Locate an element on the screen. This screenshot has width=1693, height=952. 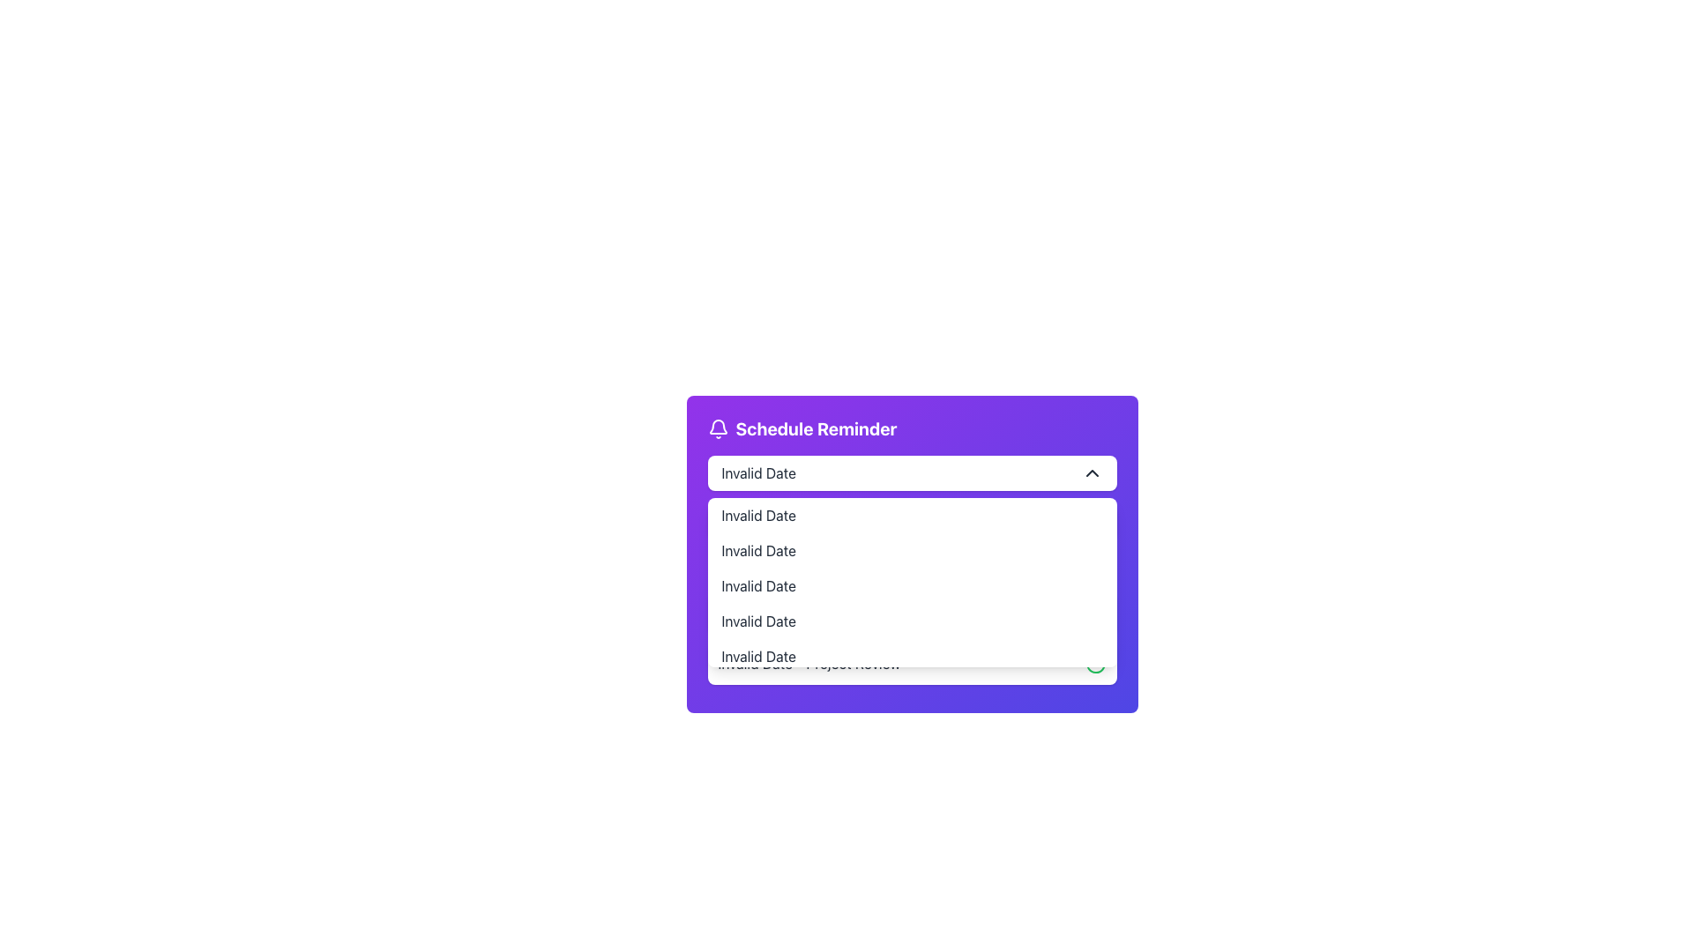
the dropdown menu item displaying 'Invalid Date' is located at coordinates (912, 549).